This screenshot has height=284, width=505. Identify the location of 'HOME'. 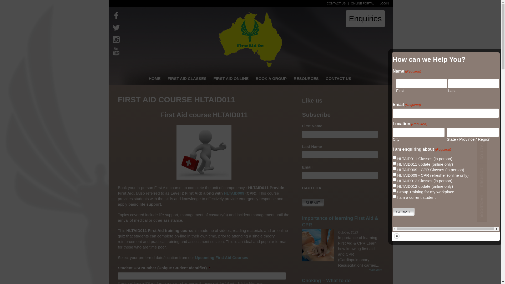
(154, 78).